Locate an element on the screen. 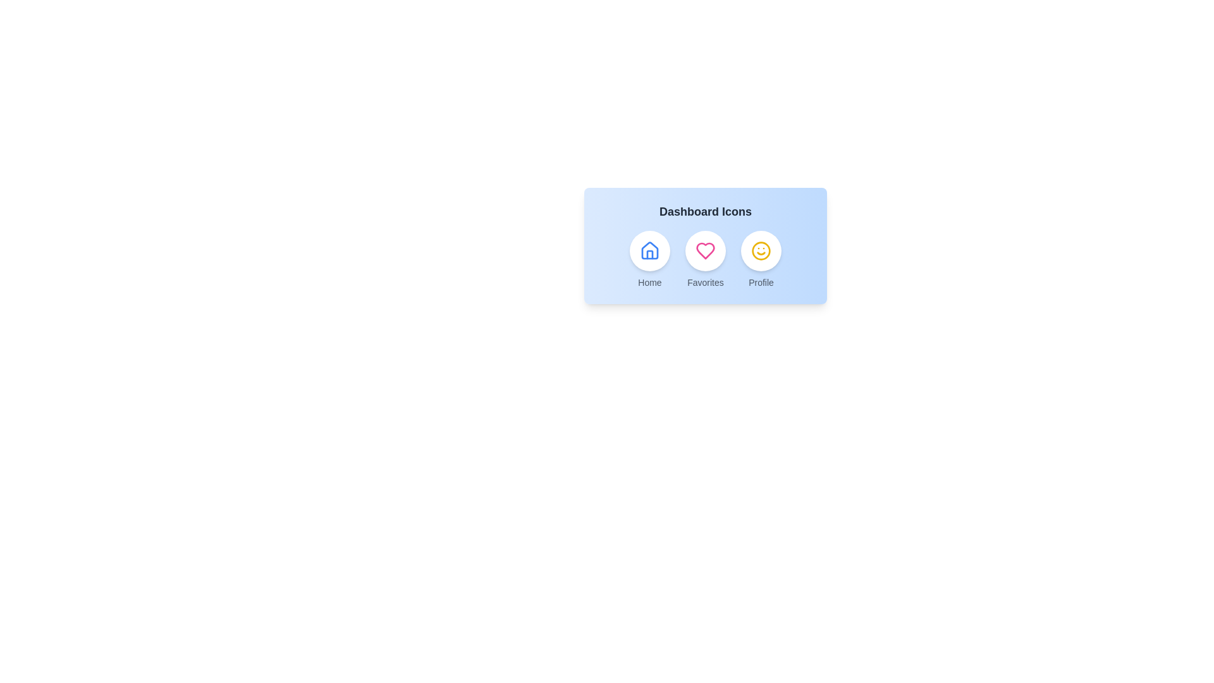  the 'Profile' text label, which is styled with a small, gray font and is located within the 'Dashboard Icons' section, specifically under the smiley-face icon is located at coordinates (761, 282).